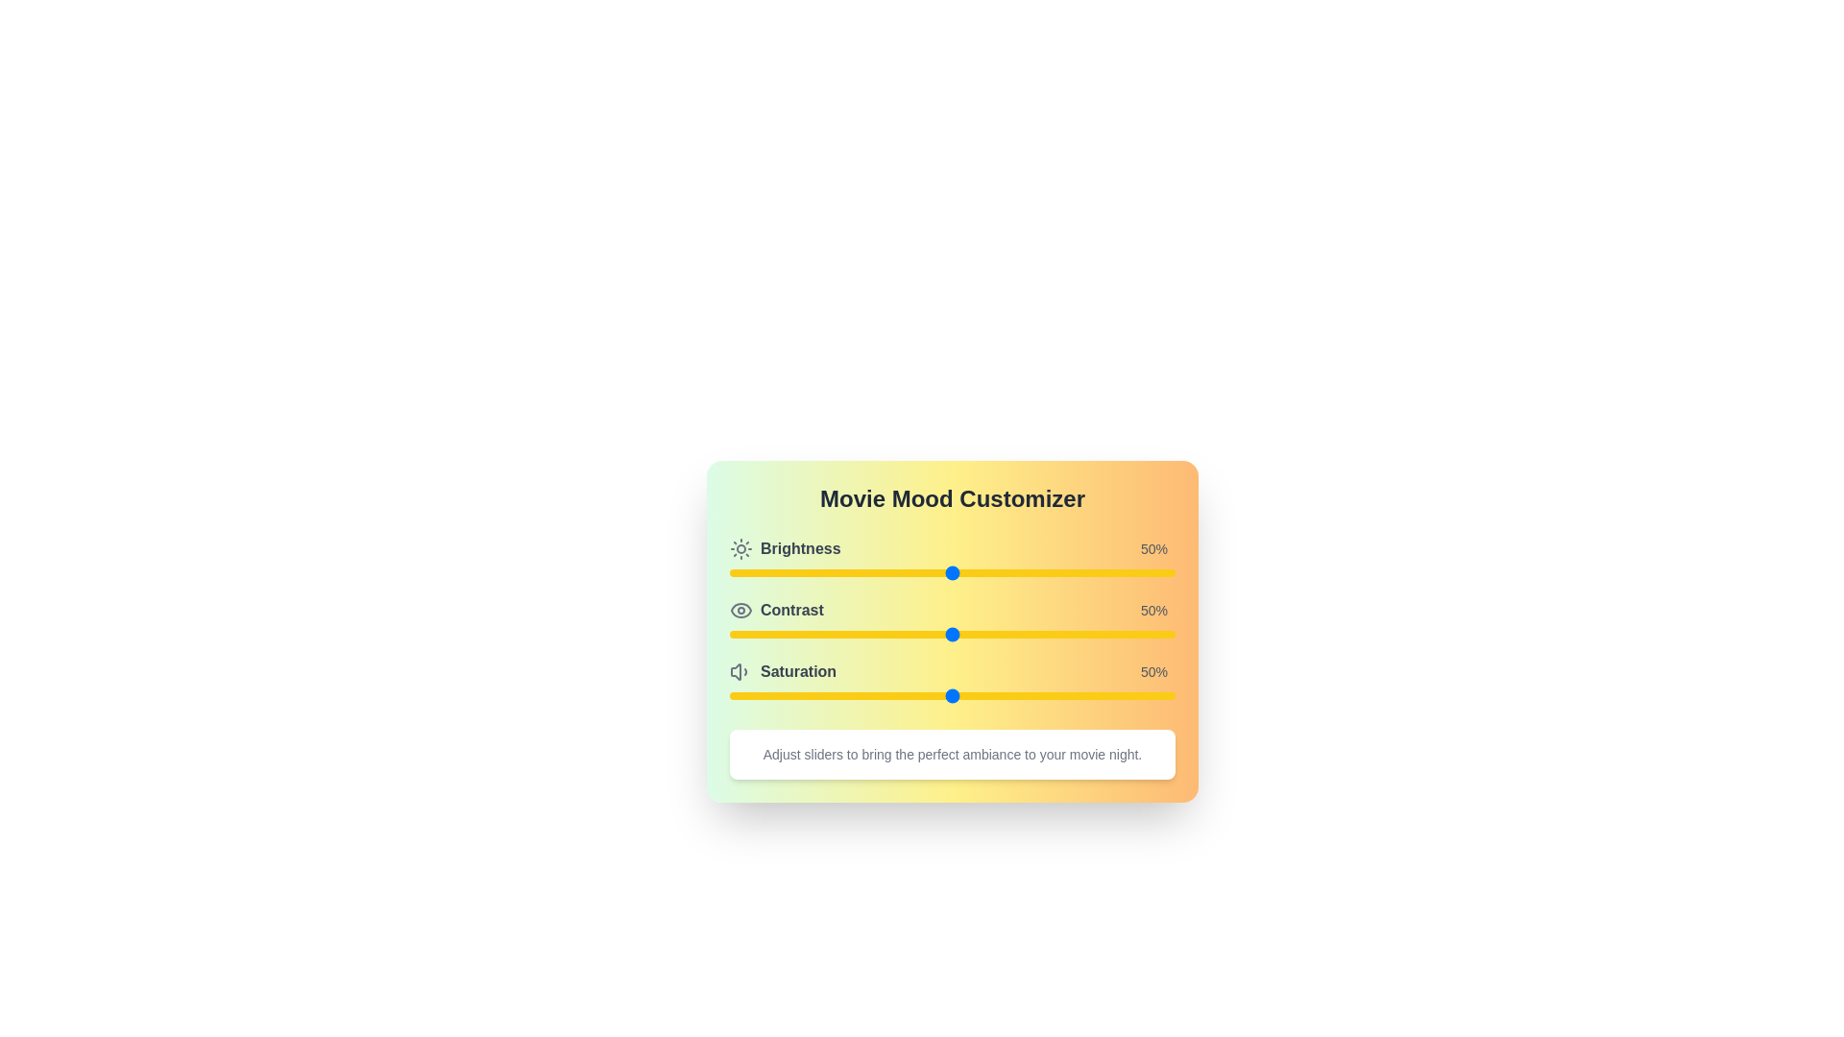  What do you see at coordinates (934, 572) in the screenshot?
I see `brightness` at bounding box center [934, 572].